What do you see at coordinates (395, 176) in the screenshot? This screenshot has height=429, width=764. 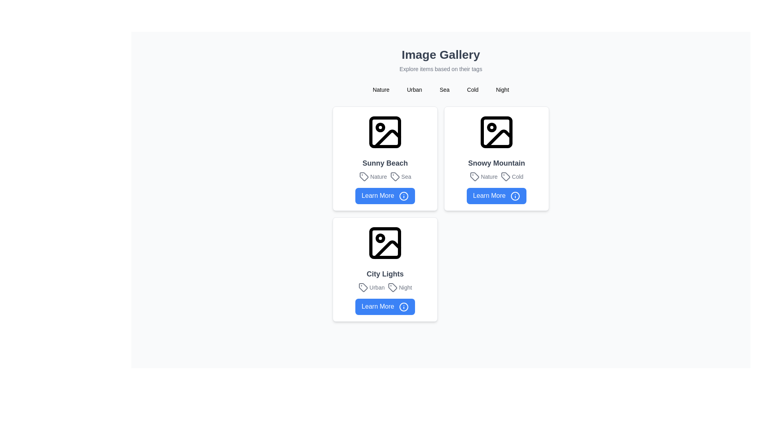 I see `the small tag-shaped icon located next to the text 'Sea' in the bottom left region of the card labeled 'Sunny Beach'` at bounding box center [395, 176].